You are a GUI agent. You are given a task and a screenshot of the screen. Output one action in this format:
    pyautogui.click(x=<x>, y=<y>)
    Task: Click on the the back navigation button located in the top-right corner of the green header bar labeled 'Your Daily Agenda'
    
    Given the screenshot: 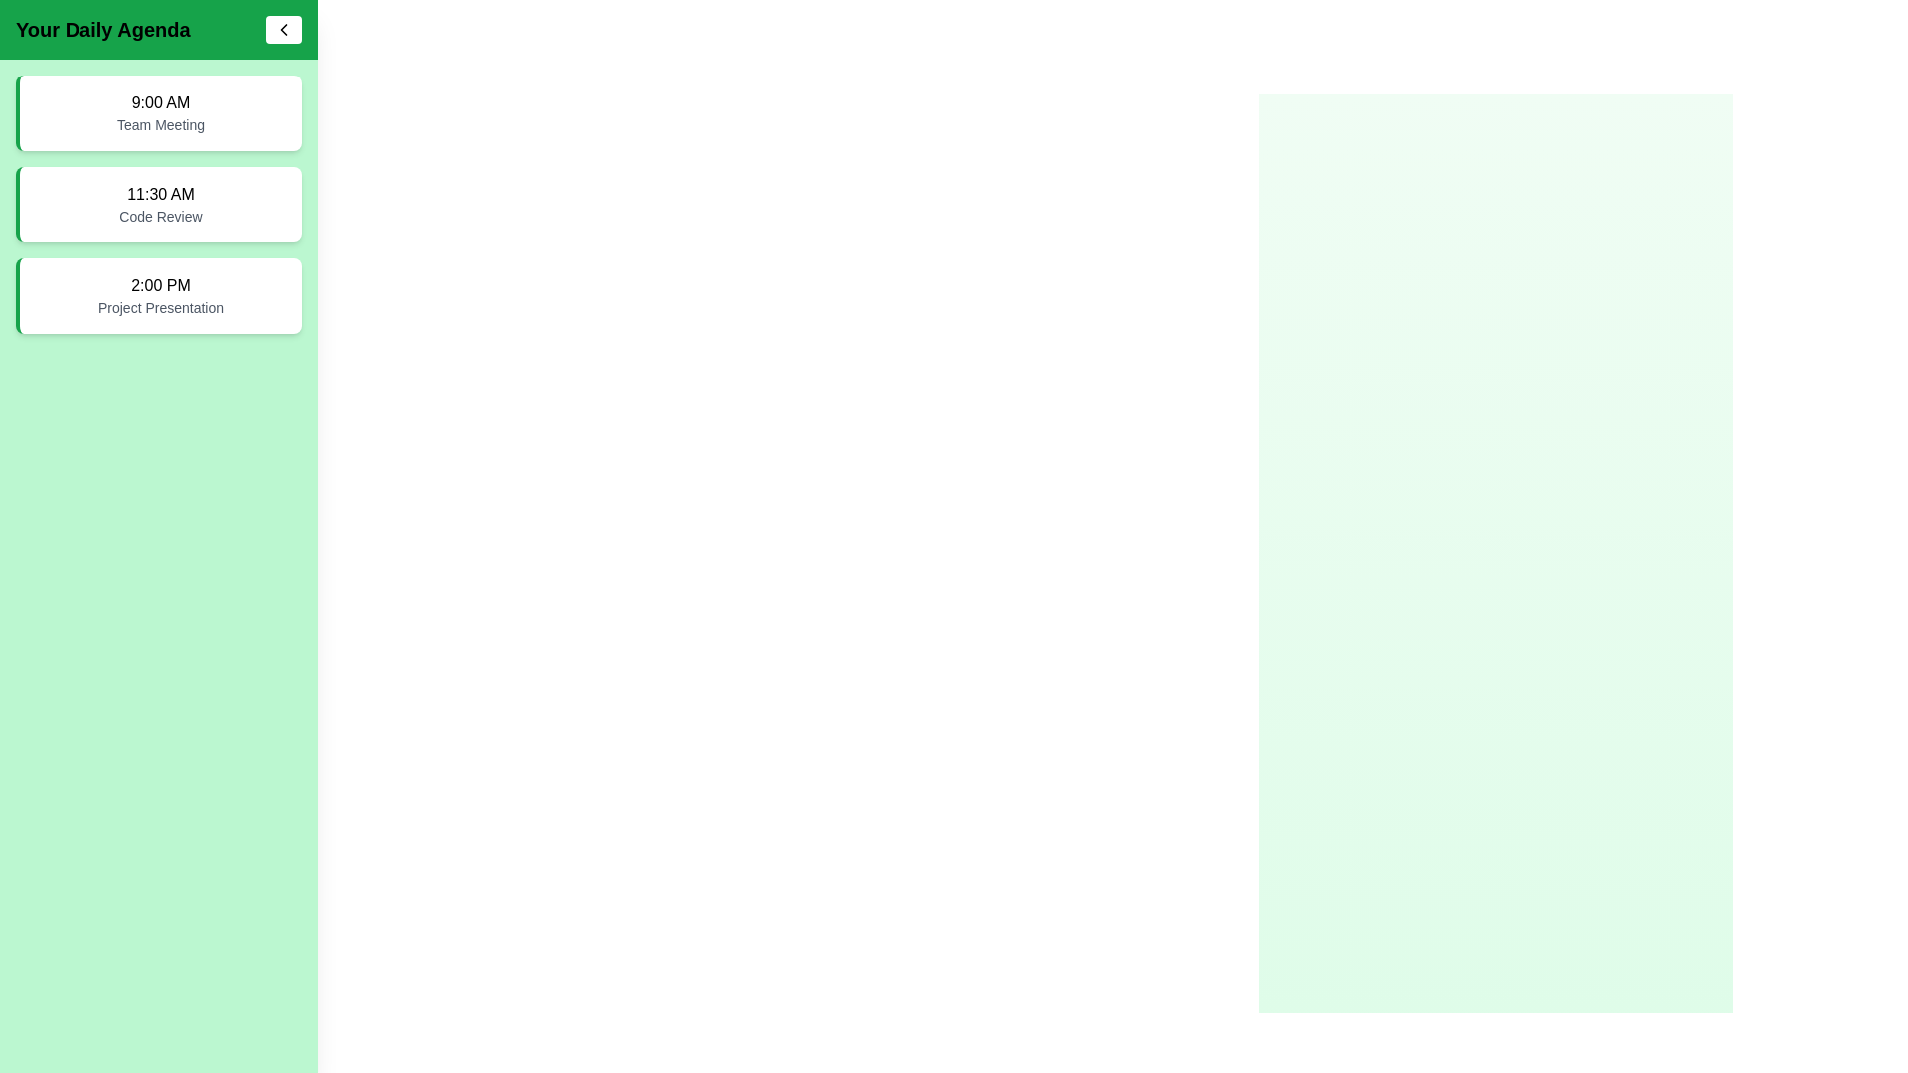 What is the action you would take?
    pyautogui.click(x=283, y=30)
    